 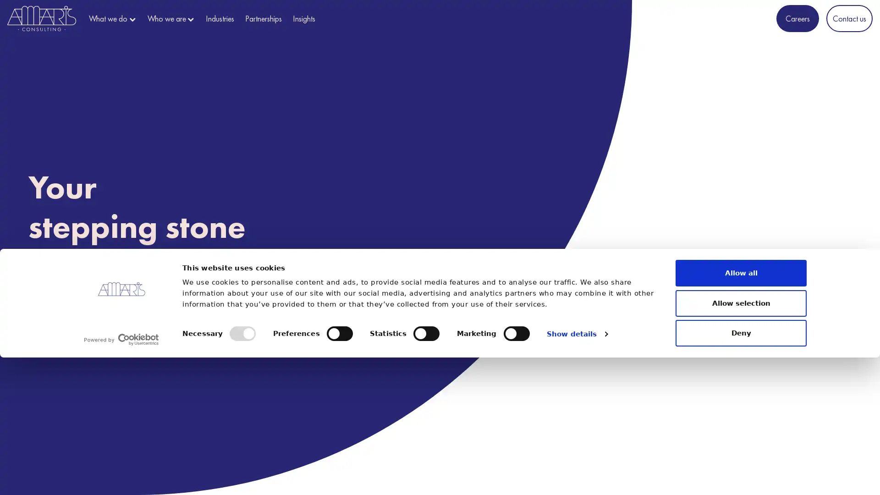 I want to click on Allow selection, so click(x=741, y=440).